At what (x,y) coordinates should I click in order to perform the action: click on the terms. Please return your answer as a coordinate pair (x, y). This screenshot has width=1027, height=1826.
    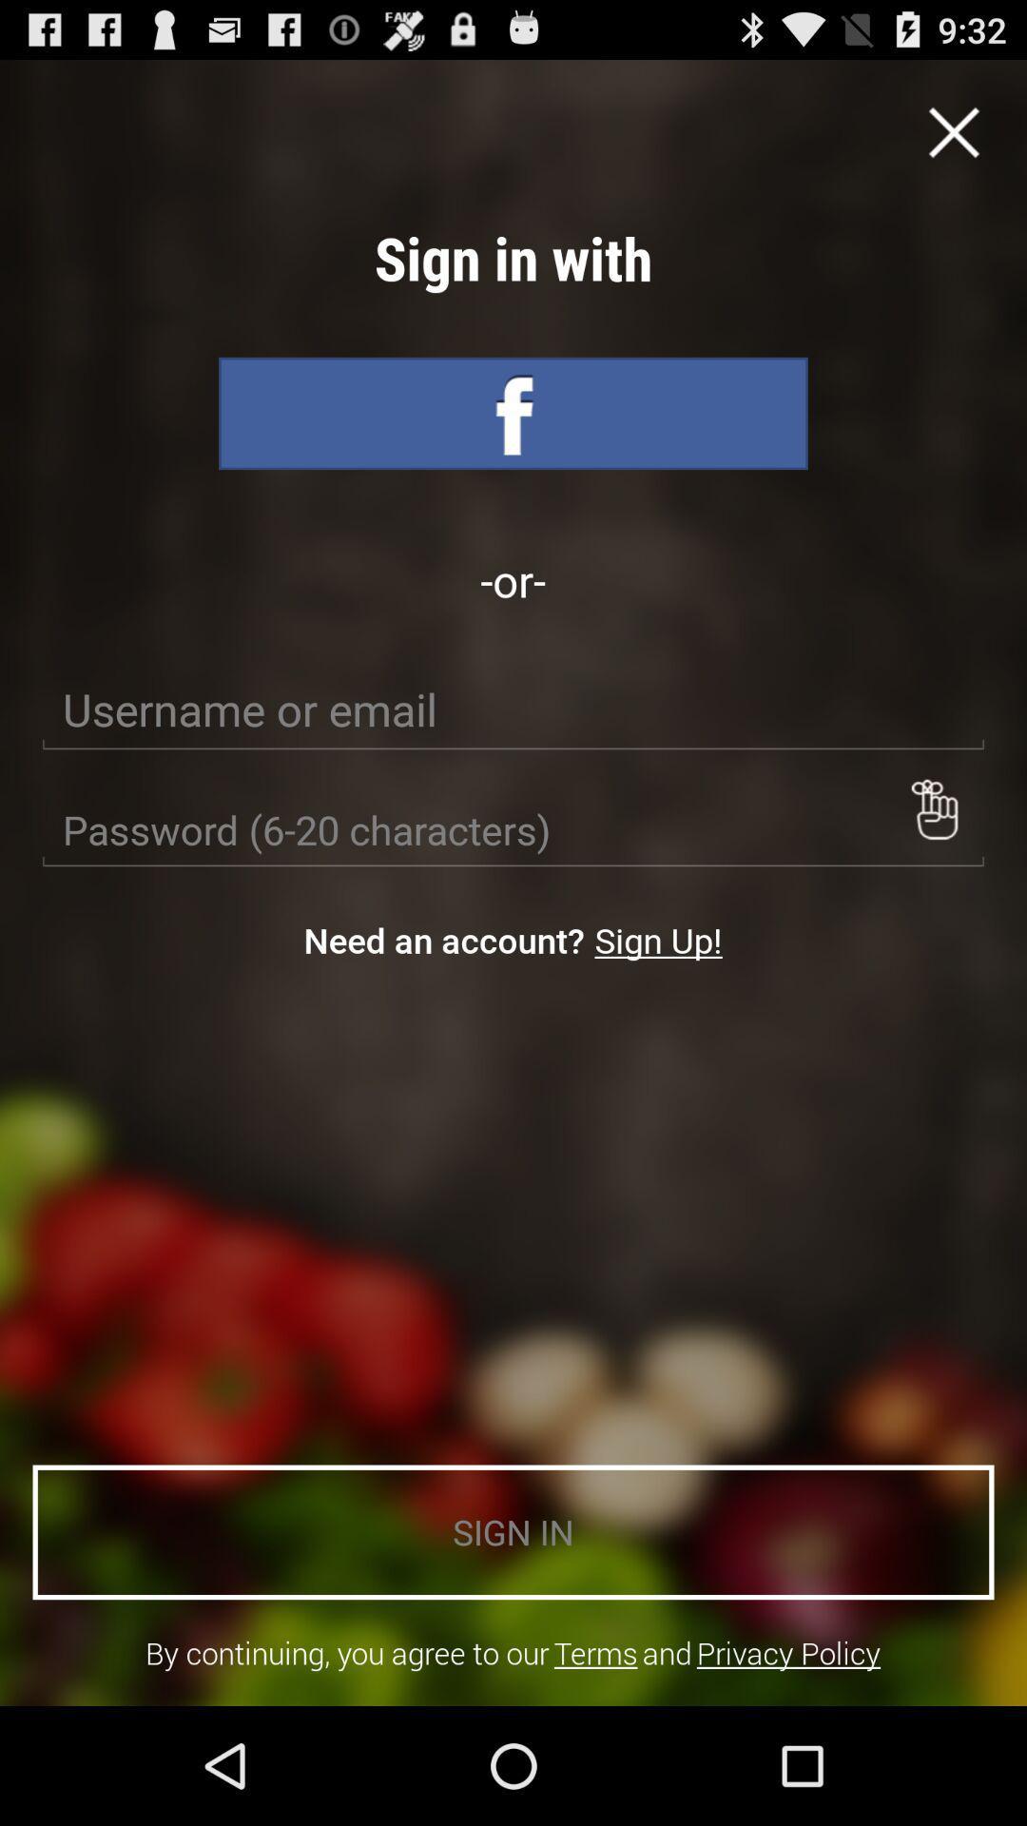
    Looking at the image, I should click on (594, 1652).